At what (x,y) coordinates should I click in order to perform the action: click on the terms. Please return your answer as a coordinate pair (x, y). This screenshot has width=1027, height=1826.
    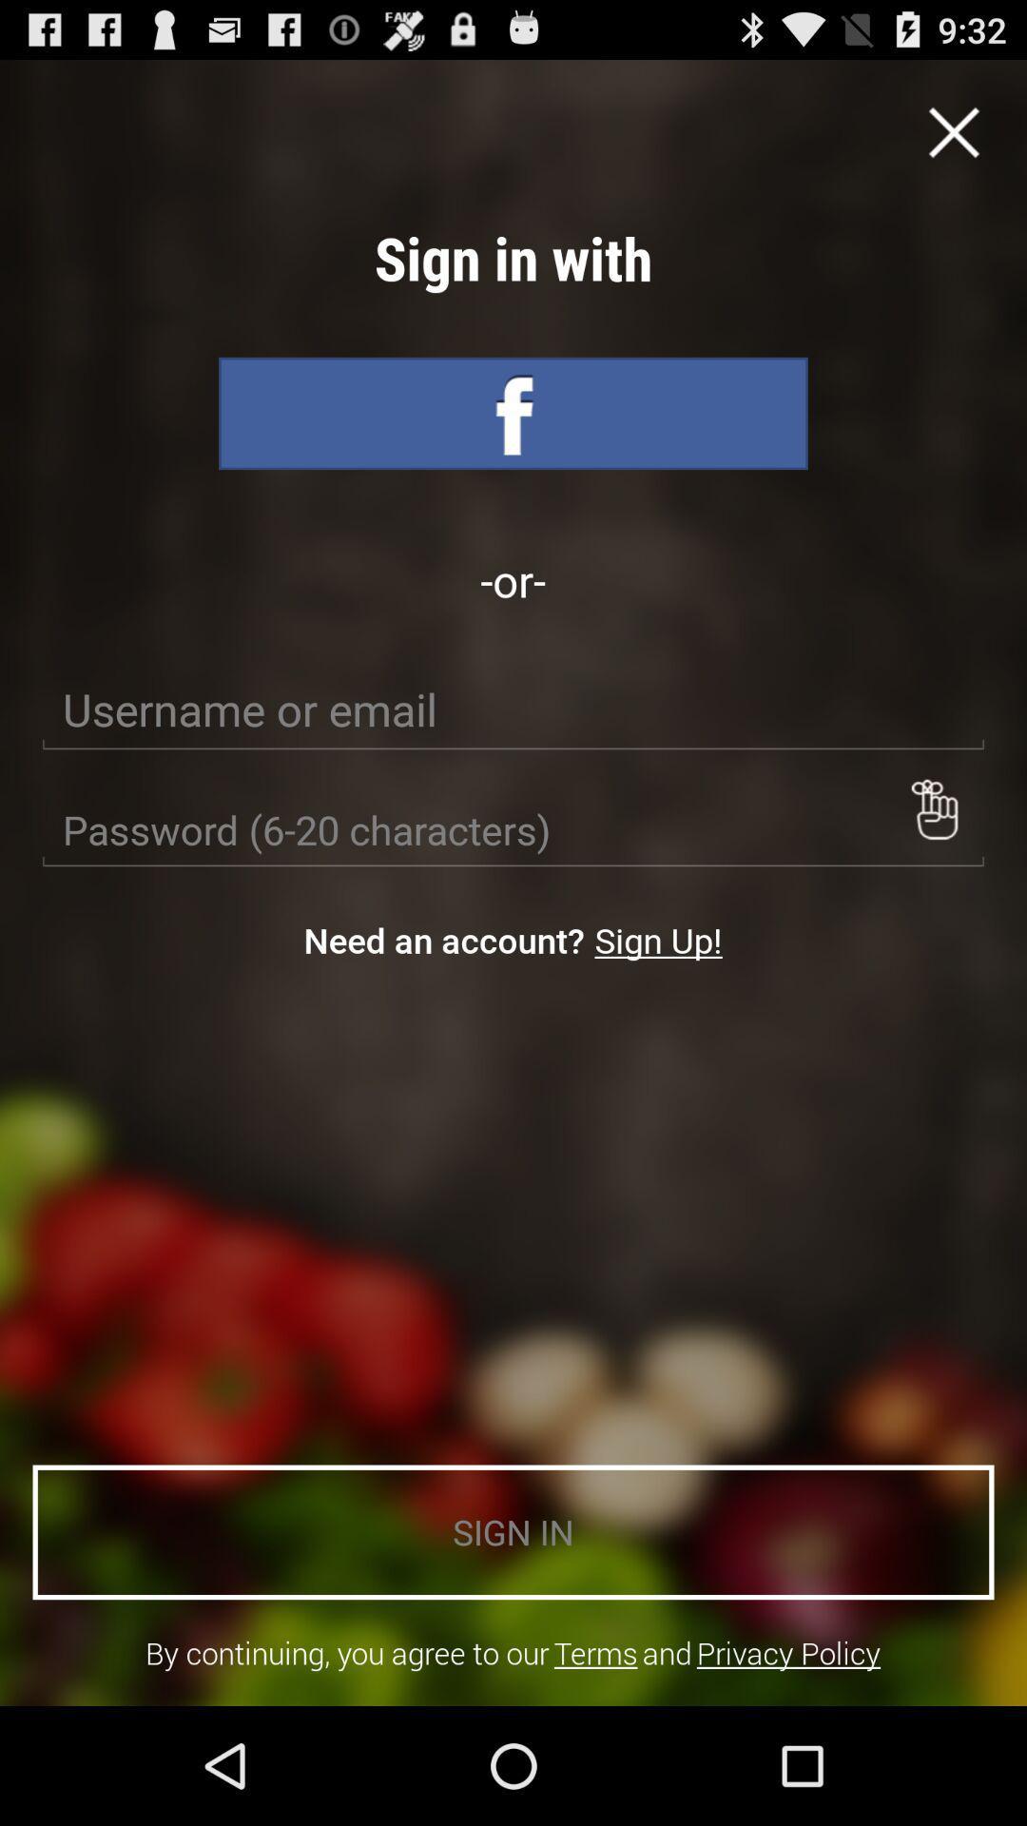
    Looking at the image, I should click on (594, 1652).